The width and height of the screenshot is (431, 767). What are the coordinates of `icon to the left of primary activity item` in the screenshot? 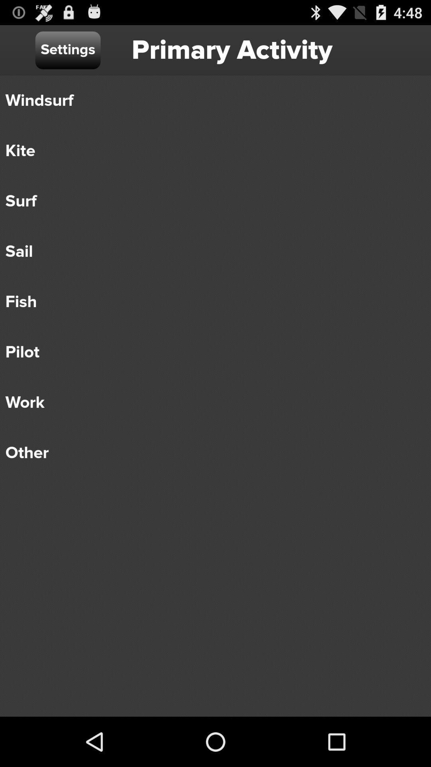 It's located at (67, 50).